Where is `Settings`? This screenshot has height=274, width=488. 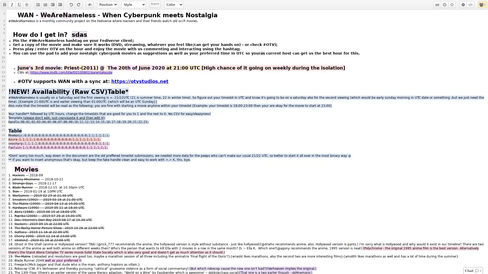
Settings is located at coordinates (463, 5).